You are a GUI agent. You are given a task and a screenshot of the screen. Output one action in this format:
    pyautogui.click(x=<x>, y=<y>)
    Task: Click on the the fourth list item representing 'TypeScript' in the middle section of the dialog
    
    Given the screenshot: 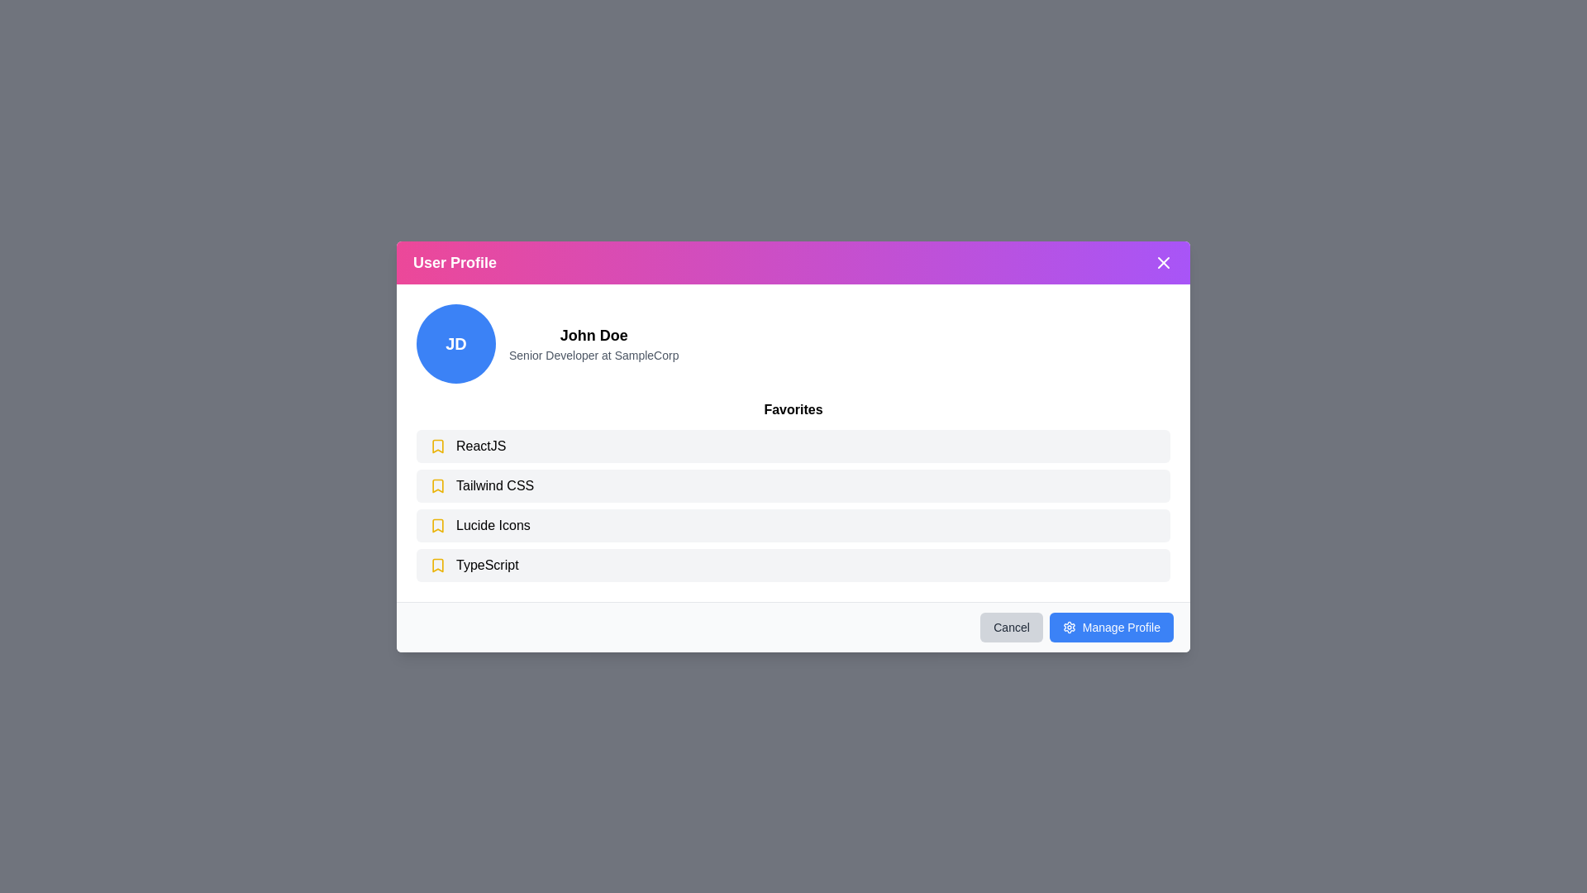 What is the action you would take?
    pyautogui.click(x=793, y=563)
    